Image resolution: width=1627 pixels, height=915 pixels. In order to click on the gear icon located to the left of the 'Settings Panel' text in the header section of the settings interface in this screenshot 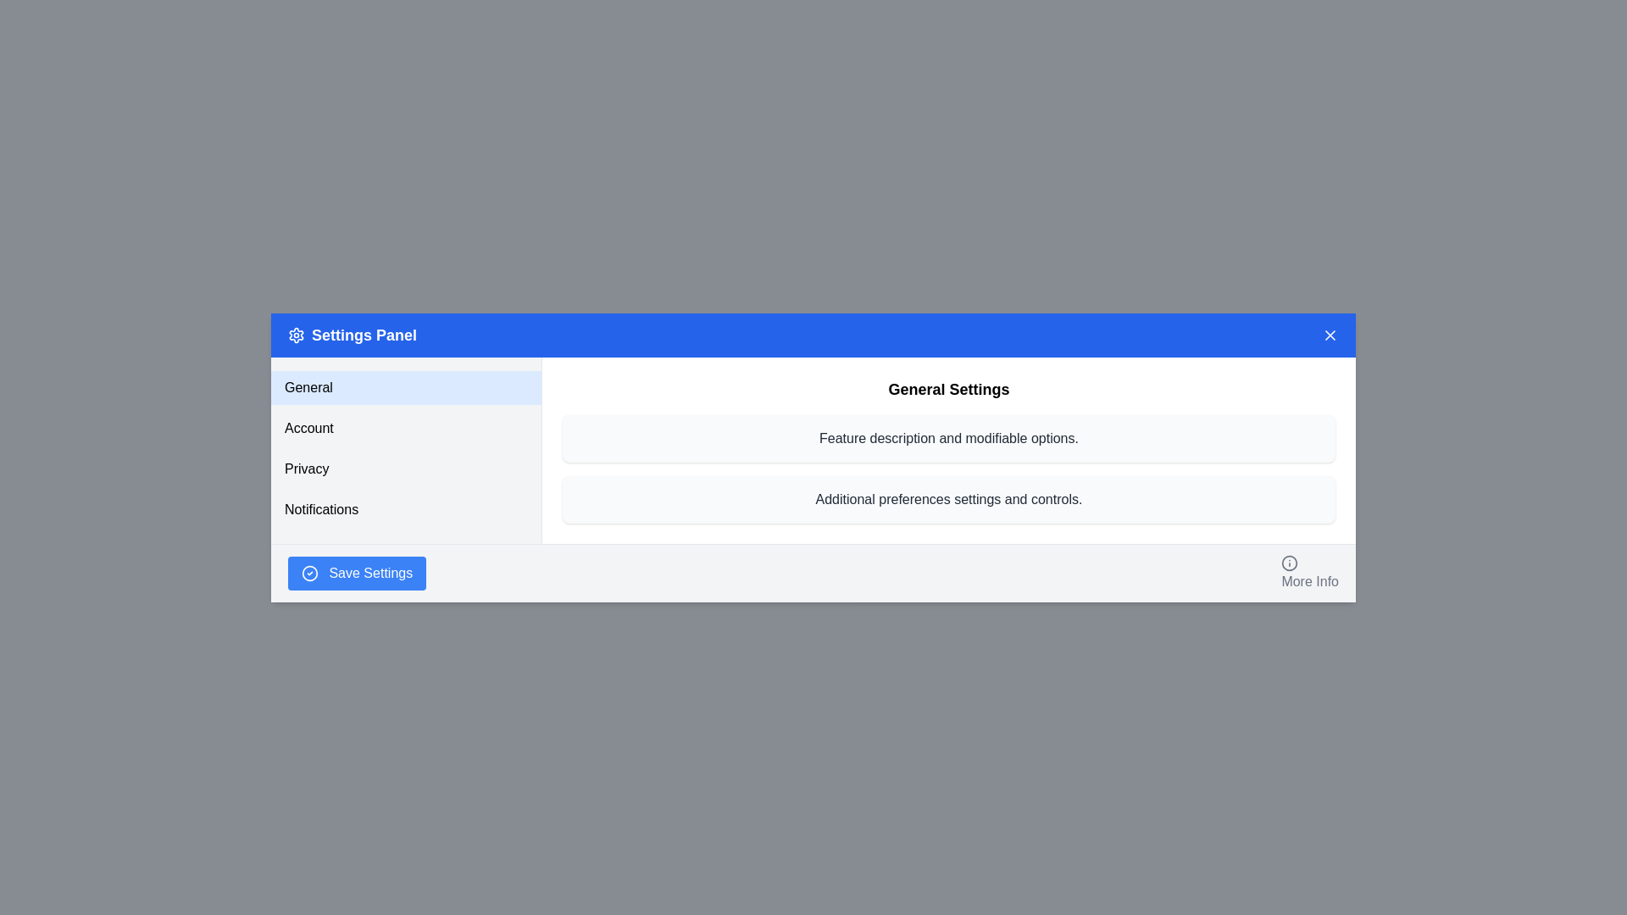, I will do `click(297, 334)`.